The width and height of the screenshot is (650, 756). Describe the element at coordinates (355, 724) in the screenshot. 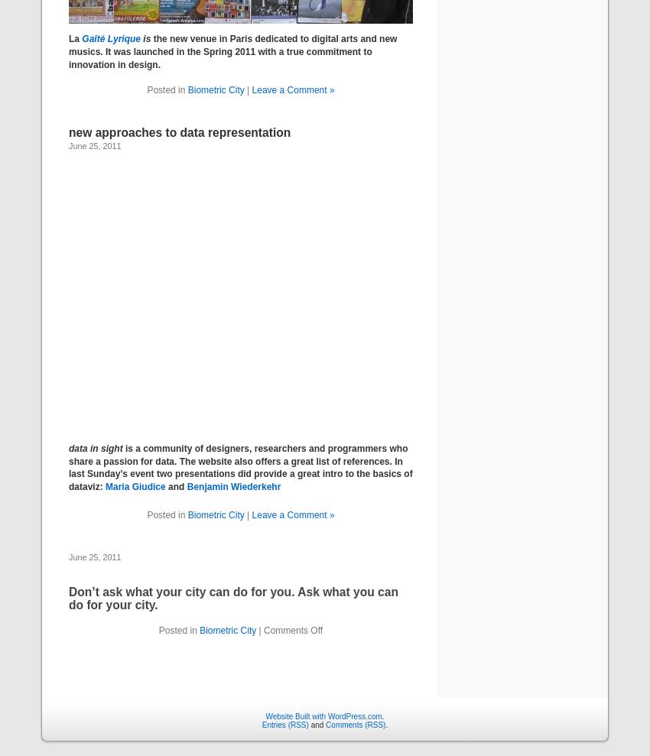

I see `'Comments (RSS)'` at that location.